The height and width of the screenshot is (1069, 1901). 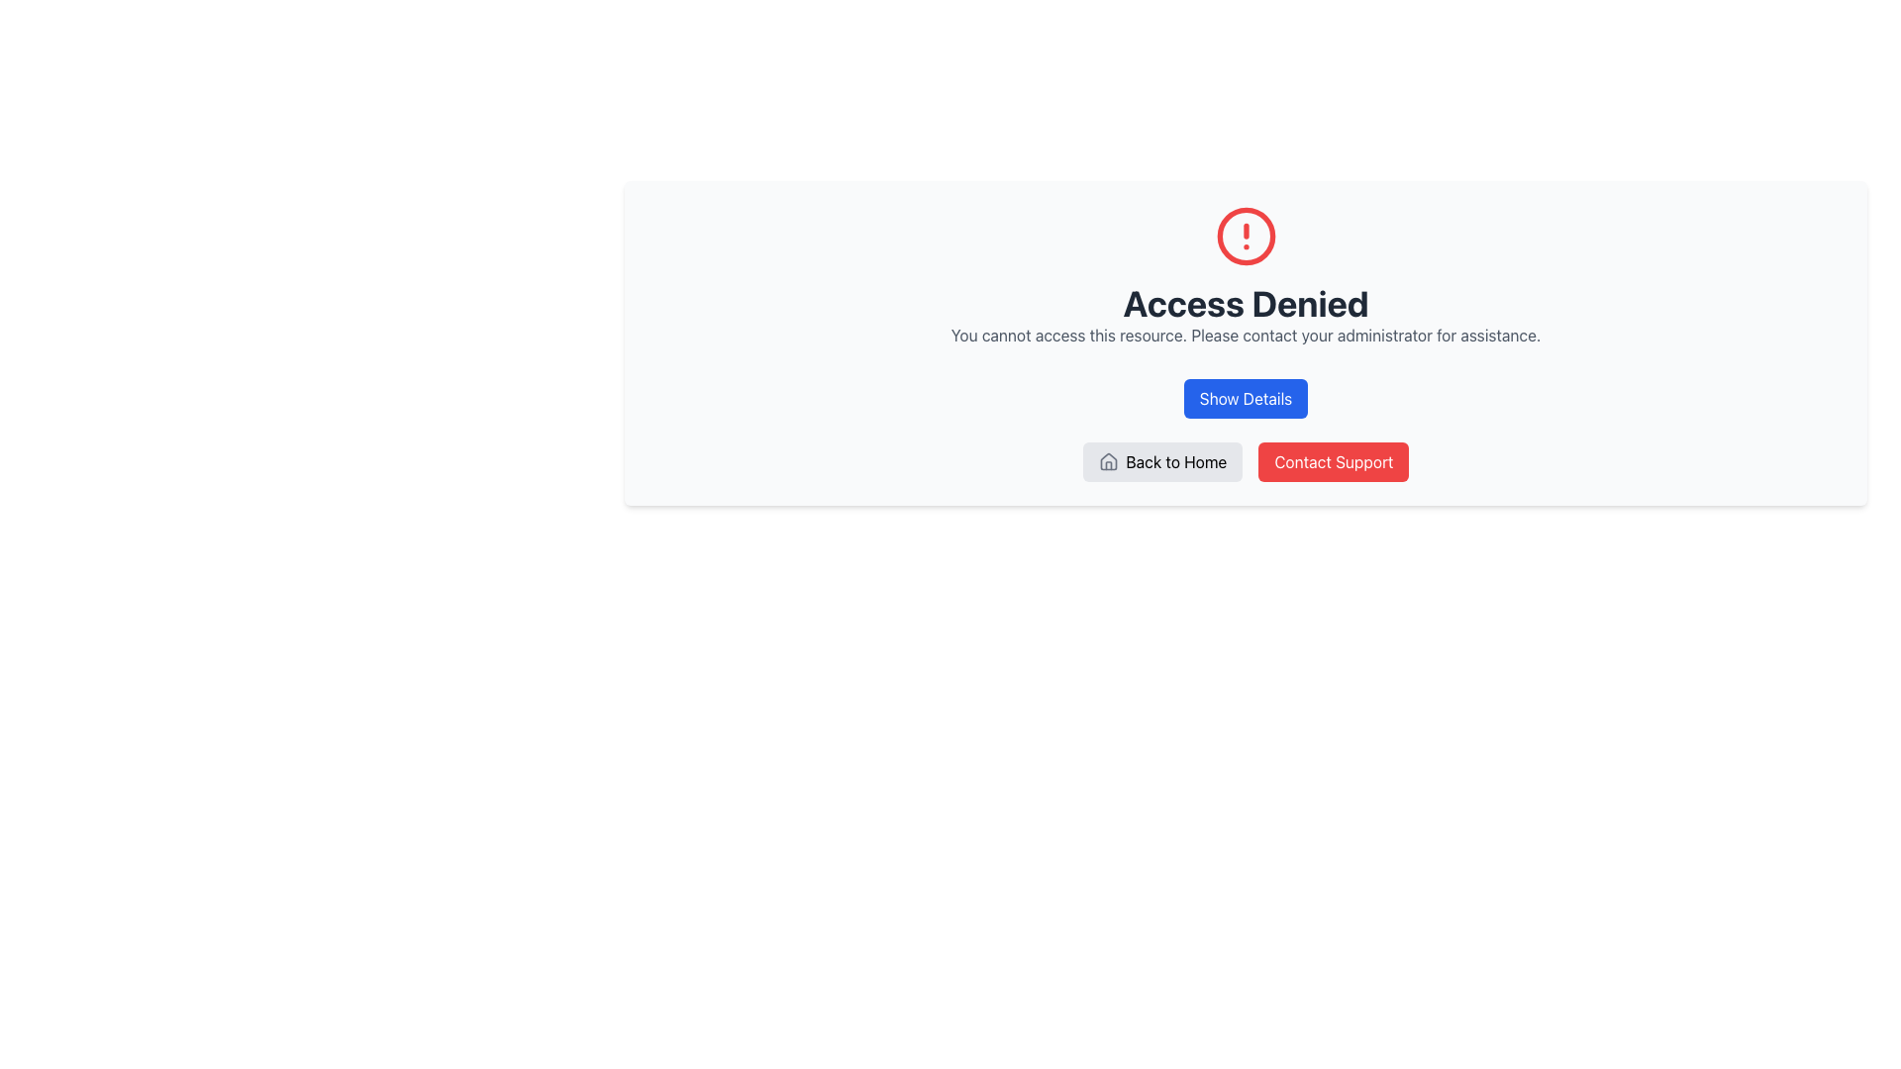 What do you see at coordinates (1245, 335) in the screenshot?
I see `informational text displayed in medium gray font, located directly beneath the 'Access Denied' headline` at bounding box center [1245, 335].